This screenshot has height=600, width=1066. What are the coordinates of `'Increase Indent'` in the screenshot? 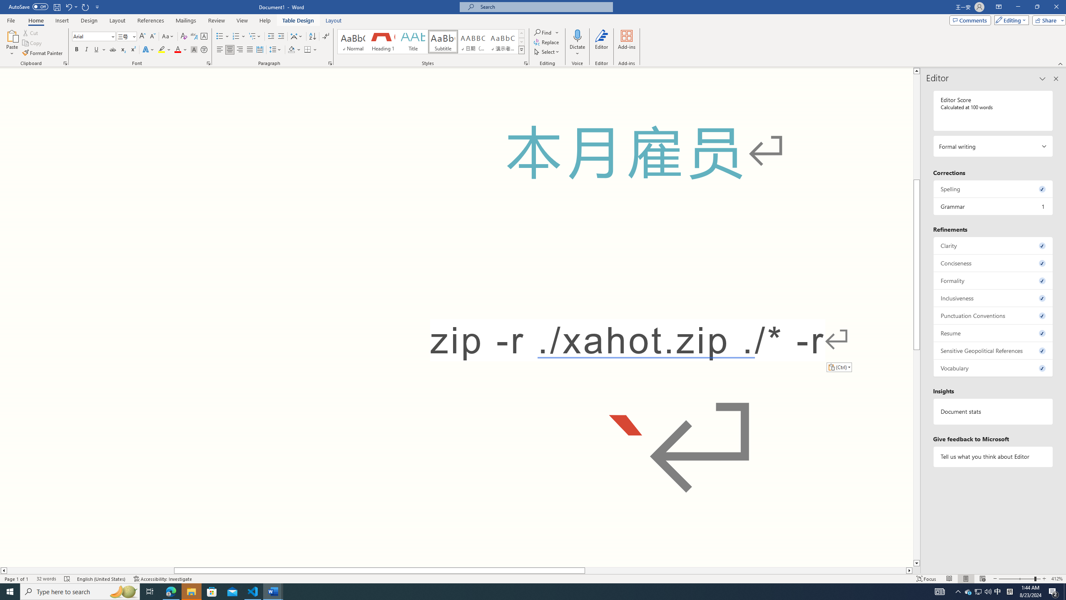 It's located at (280, 36).